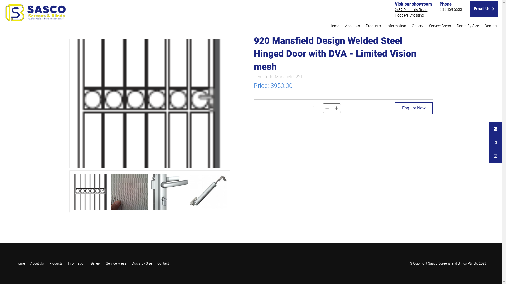  Describe the element at coordinates (352, 26) in the screenshot. I see `'About Us'` at that location.